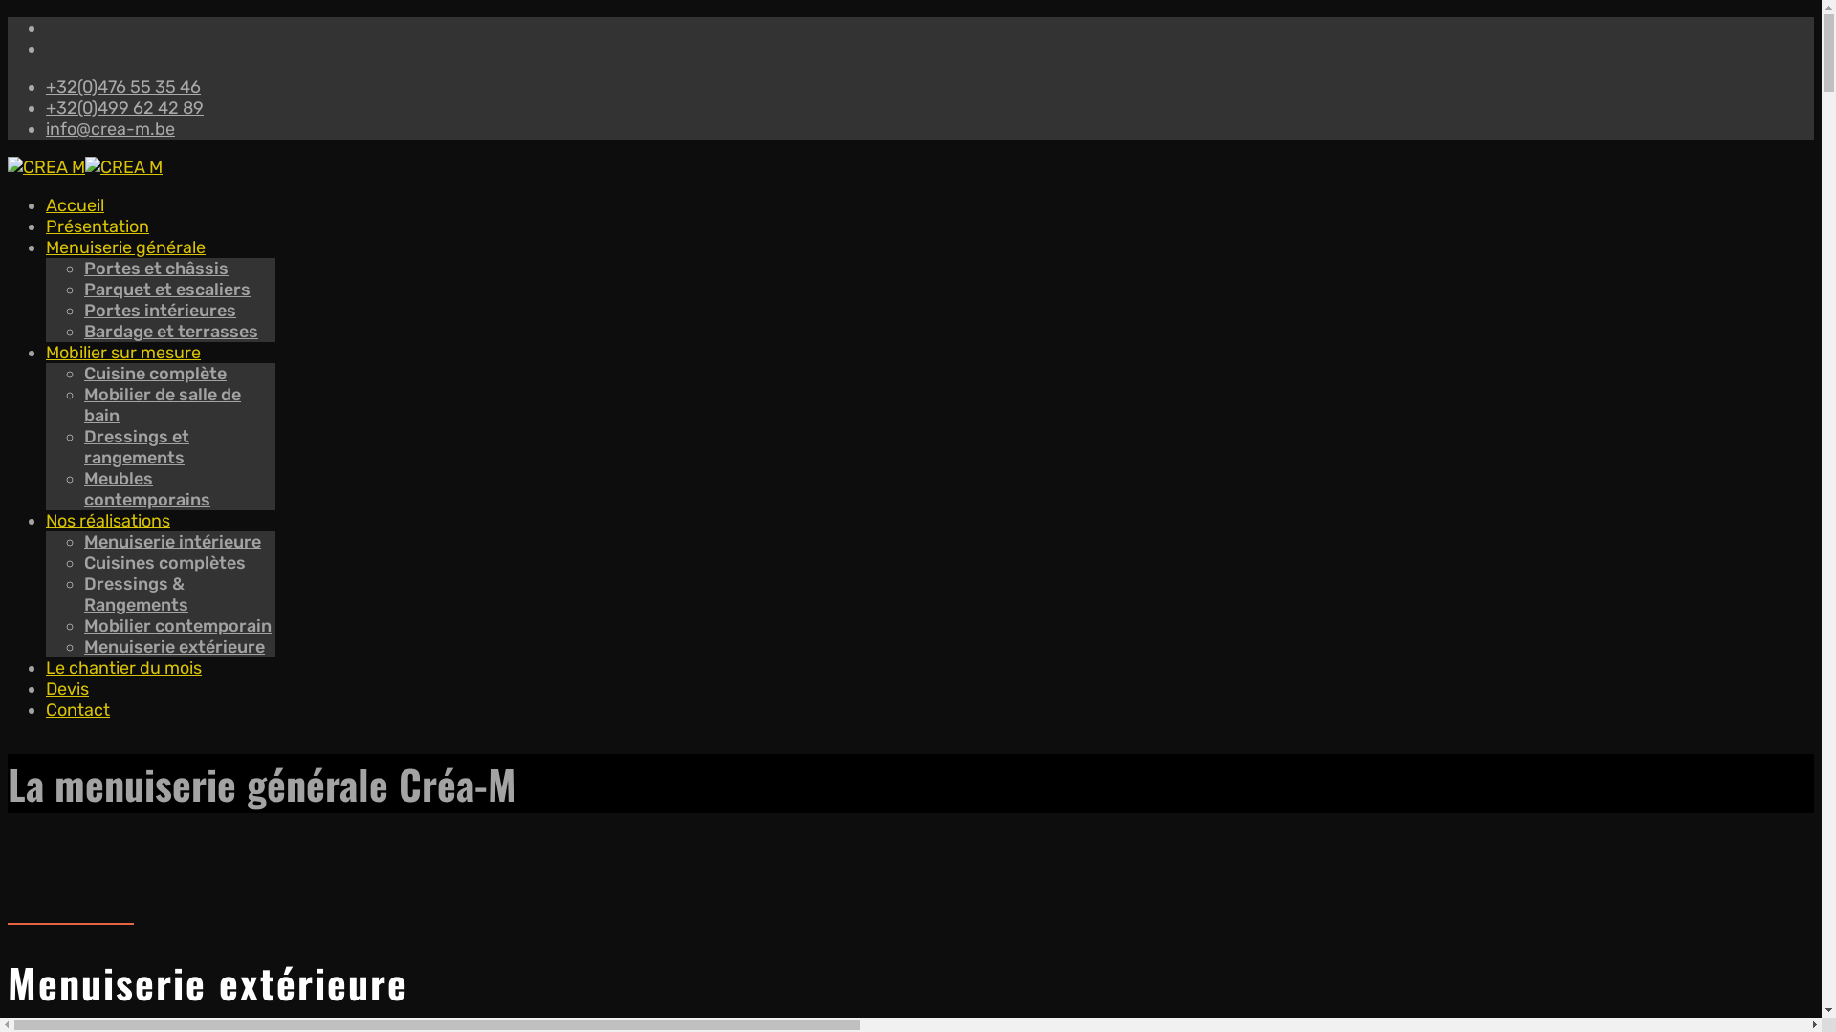 The image size is (1836, 1032). I want to click on 'Bardage et terrasses', so click(170, 331).